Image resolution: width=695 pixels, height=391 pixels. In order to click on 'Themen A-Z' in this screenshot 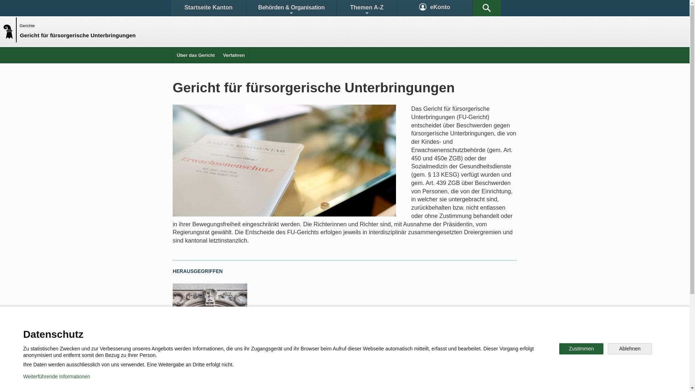, I will do `click(366, 8)`.